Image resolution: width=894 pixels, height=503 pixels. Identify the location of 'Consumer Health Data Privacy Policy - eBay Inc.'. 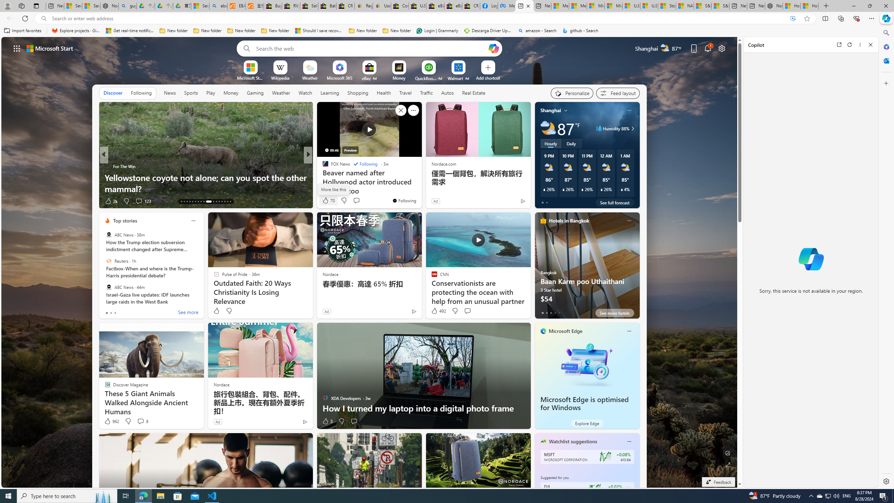
(400, 6).